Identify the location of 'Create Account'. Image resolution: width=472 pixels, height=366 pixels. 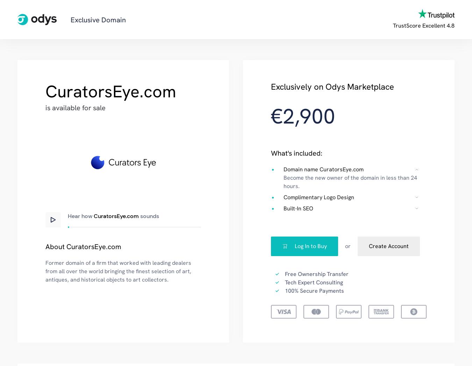
(388, 246).